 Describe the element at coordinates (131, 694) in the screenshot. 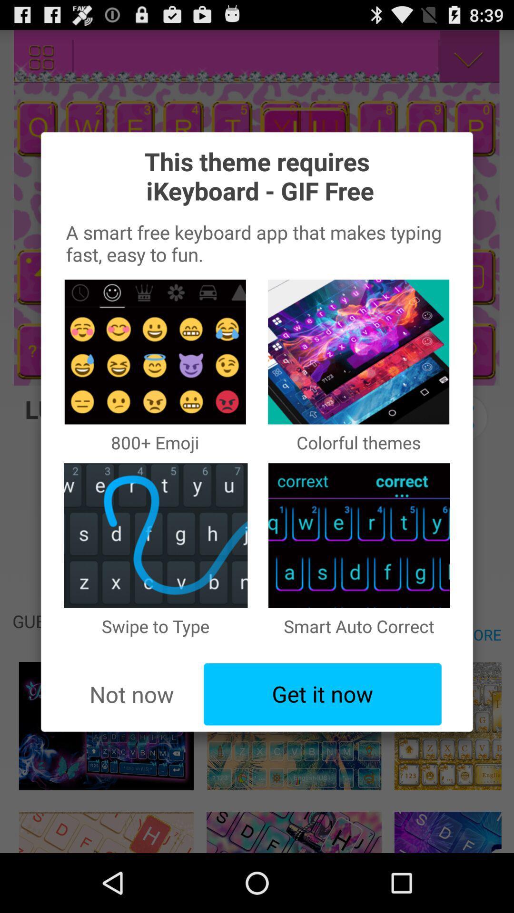

I see `button to the left of get it now button` at that location.